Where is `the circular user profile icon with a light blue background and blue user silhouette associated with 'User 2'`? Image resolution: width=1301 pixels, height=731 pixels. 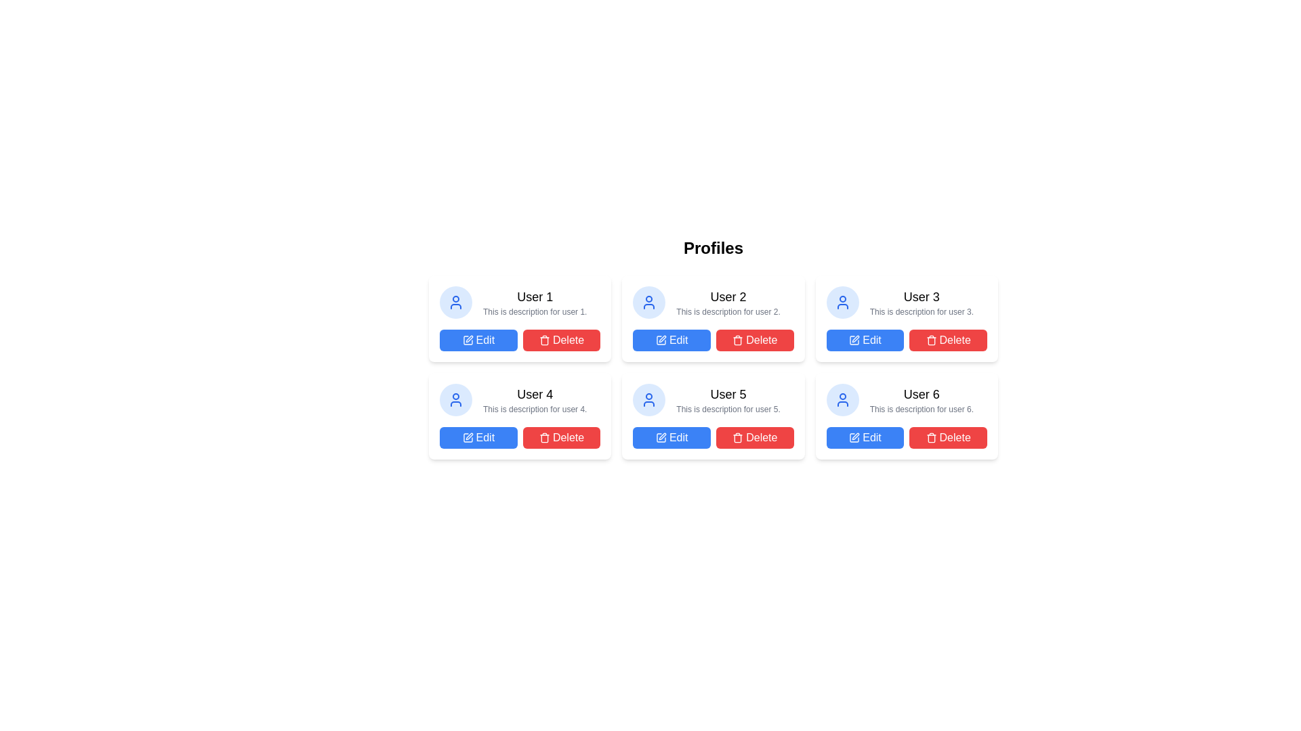 the circular user profile icon with a light blue background and blue user silhouette associated with 'User 2' is located at coordinates (648, 302).